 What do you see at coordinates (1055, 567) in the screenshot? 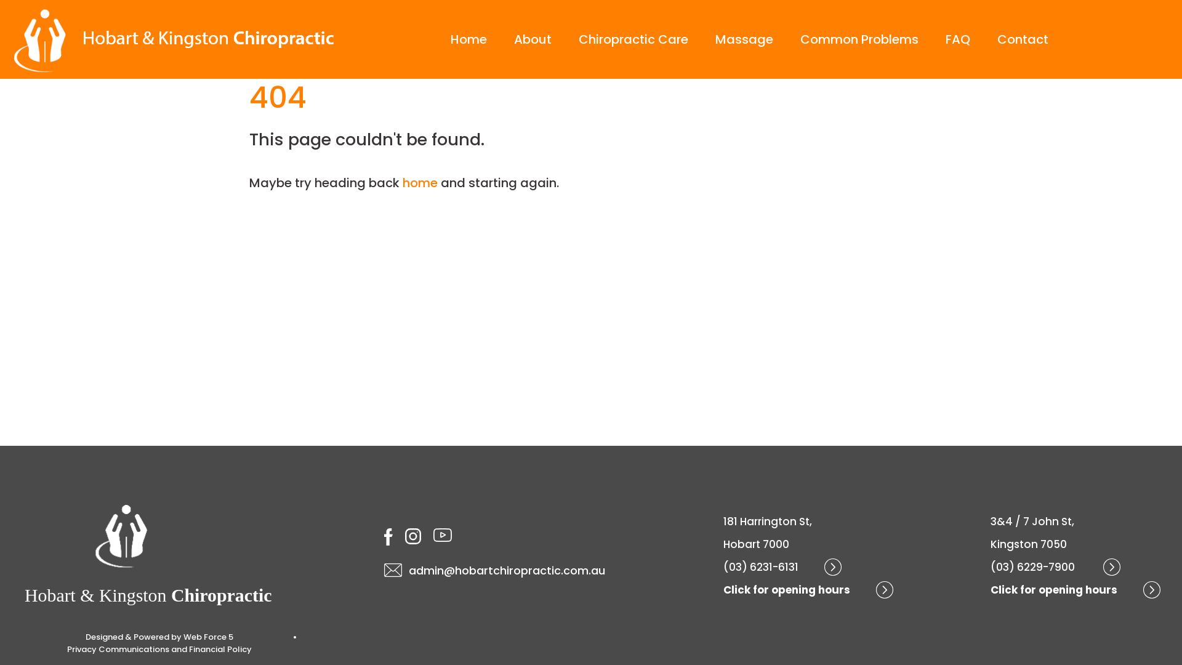
I see `'(03) 6229-7900 '` at bounding box center [1055, 567].